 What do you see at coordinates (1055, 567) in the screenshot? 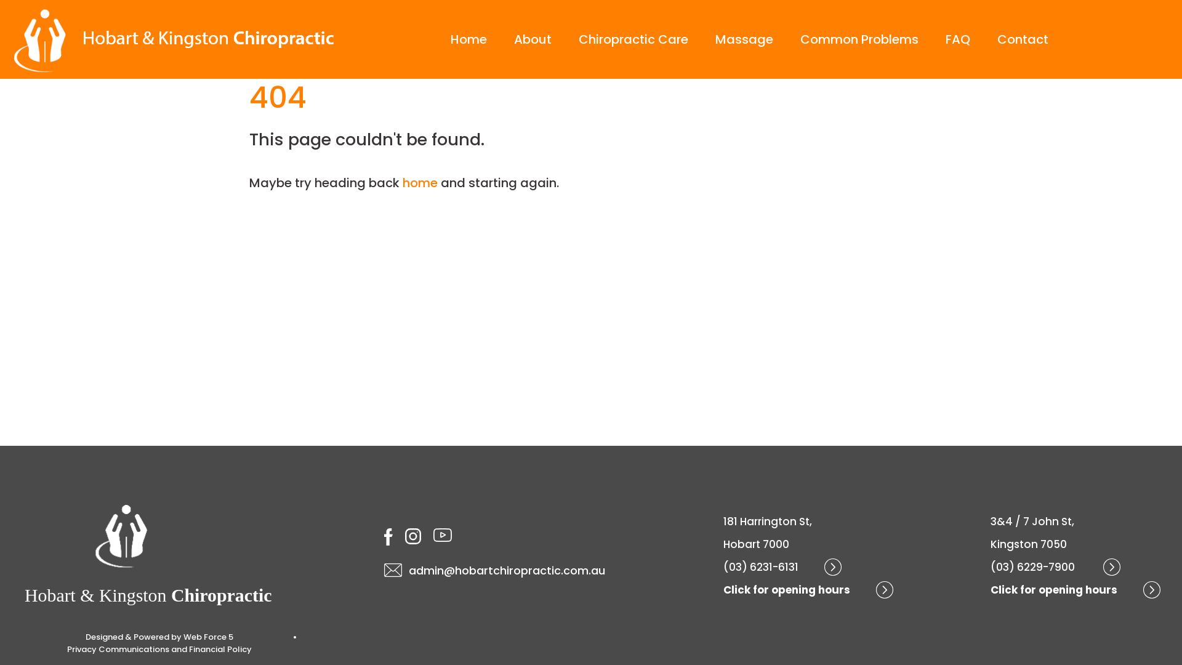
I see `'(03) 6229-7900 '` at bounding box center [1055, 567].